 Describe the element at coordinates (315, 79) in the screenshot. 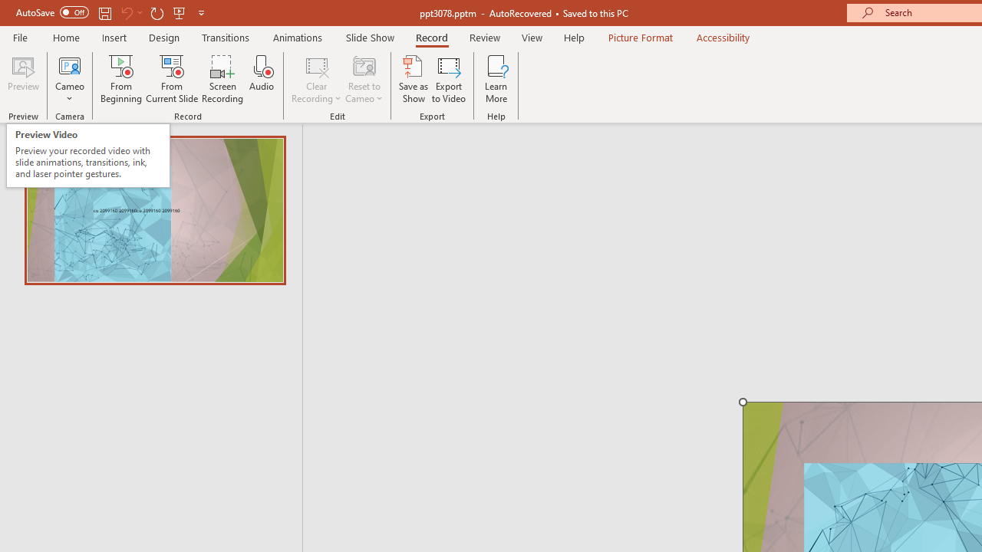

I see `'Clear Recording'` at that location.